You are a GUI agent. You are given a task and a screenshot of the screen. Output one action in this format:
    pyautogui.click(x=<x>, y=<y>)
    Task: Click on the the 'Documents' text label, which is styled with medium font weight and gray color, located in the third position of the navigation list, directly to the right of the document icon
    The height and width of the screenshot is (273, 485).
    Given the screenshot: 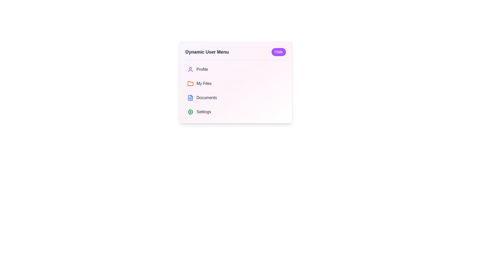 What is the action you would take?
    pyautogui.click(x=207, y=98)
    